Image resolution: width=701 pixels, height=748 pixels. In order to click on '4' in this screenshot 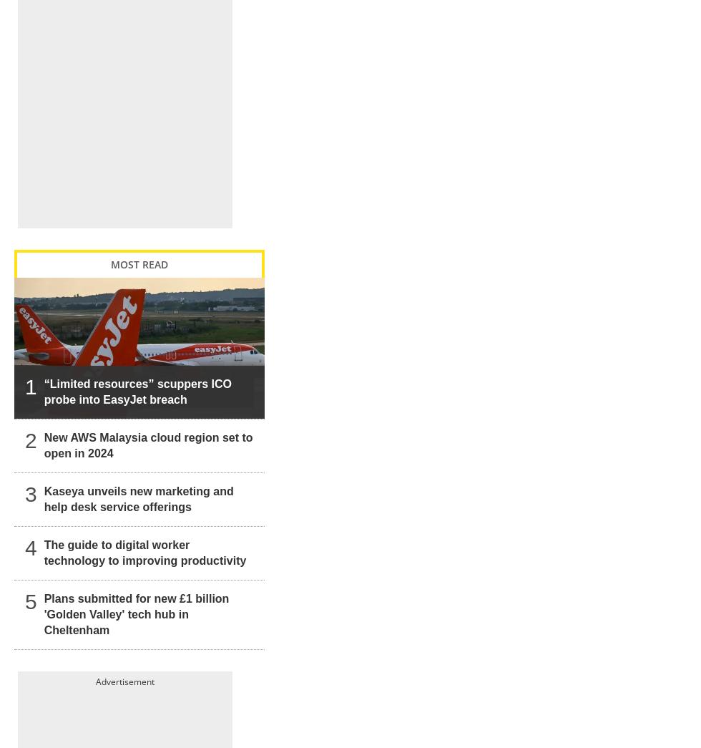, I will do `click(31, 532)`.